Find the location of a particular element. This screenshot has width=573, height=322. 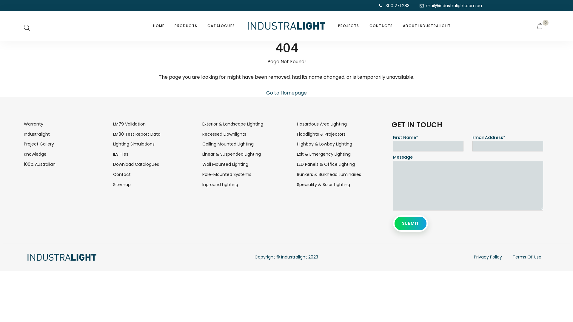

'Contact' is located at coordinates (121, 174).